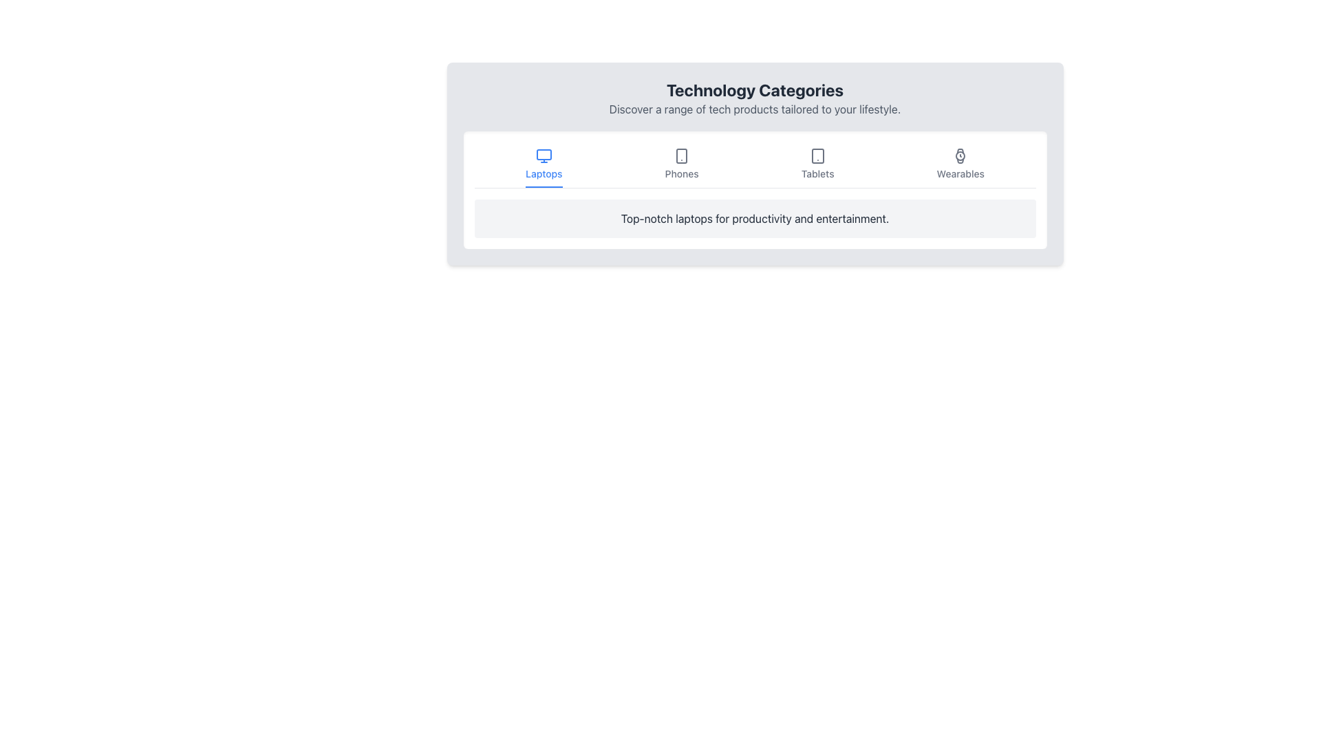 The height and width of the screenshot is (743, 1321). Describe the element at coordinates (960, 155) in the screenshot. I see `the SVG watch icon in the 'Wearables' section of the navigation menu` at that location.